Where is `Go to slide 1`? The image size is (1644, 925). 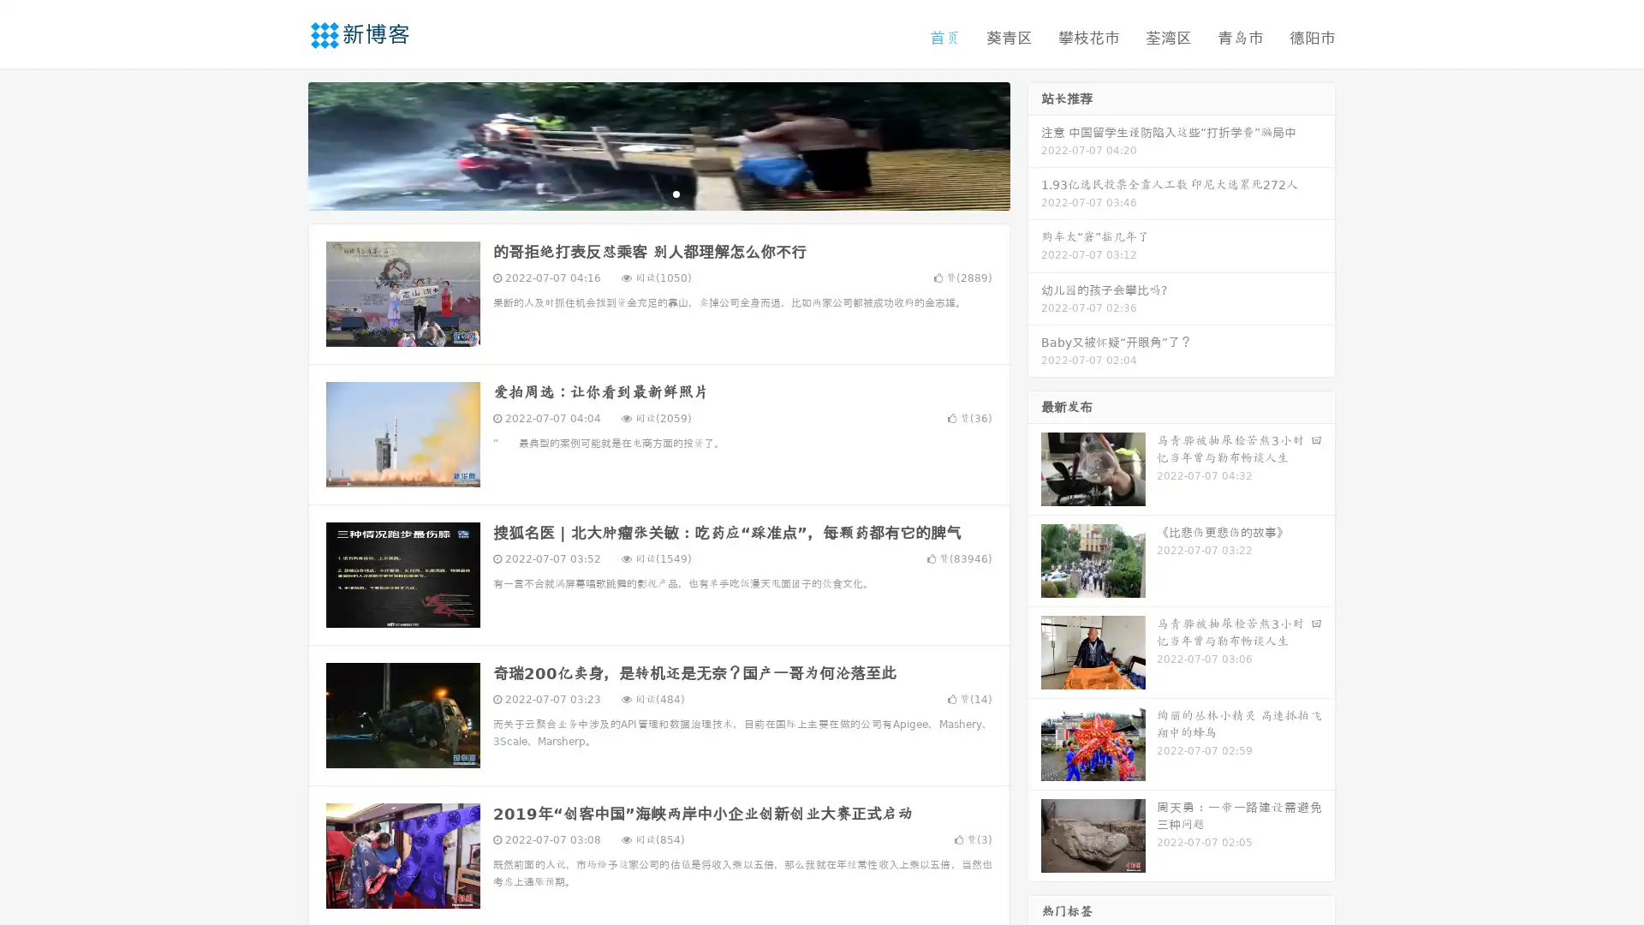 Go to slide 1 is located at coordinates (640, 193).